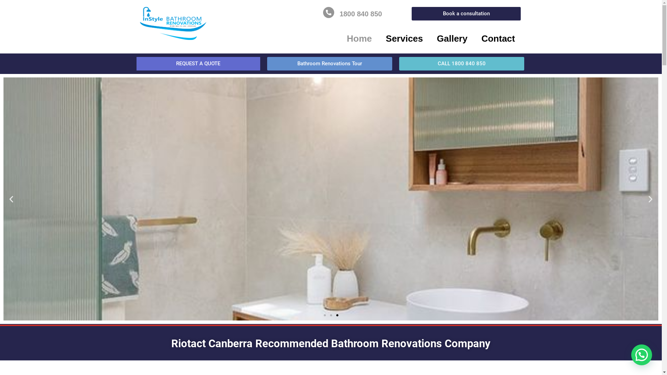  I want to click on 'Gallery', so click(452, 39).